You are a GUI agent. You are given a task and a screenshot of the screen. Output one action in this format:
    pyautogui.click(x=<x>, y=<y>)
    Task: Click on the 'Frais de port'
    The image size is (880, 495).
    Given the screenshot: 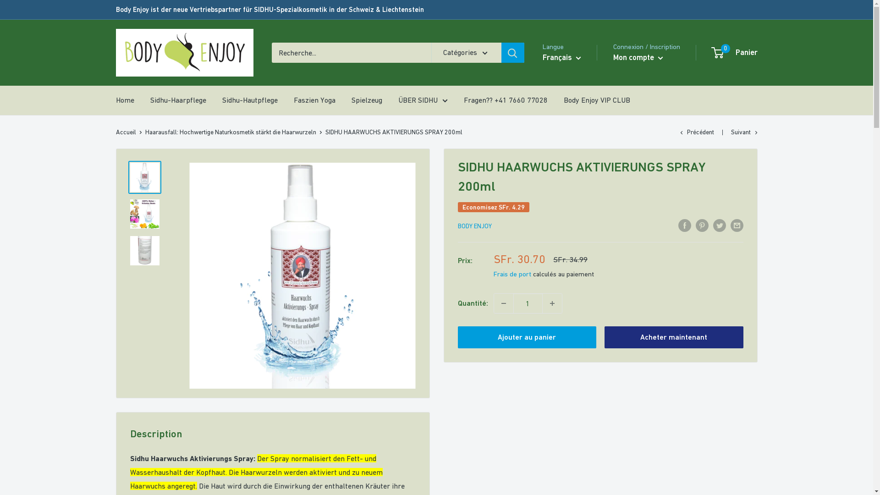 What is the action you would take?
    pyautogui.click(x=511, y=273)
    